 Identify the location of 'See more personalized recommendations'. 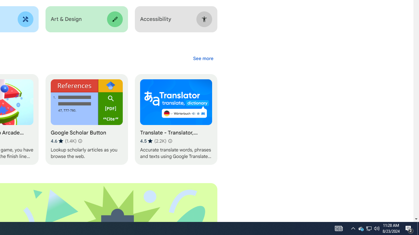
(203, 58).